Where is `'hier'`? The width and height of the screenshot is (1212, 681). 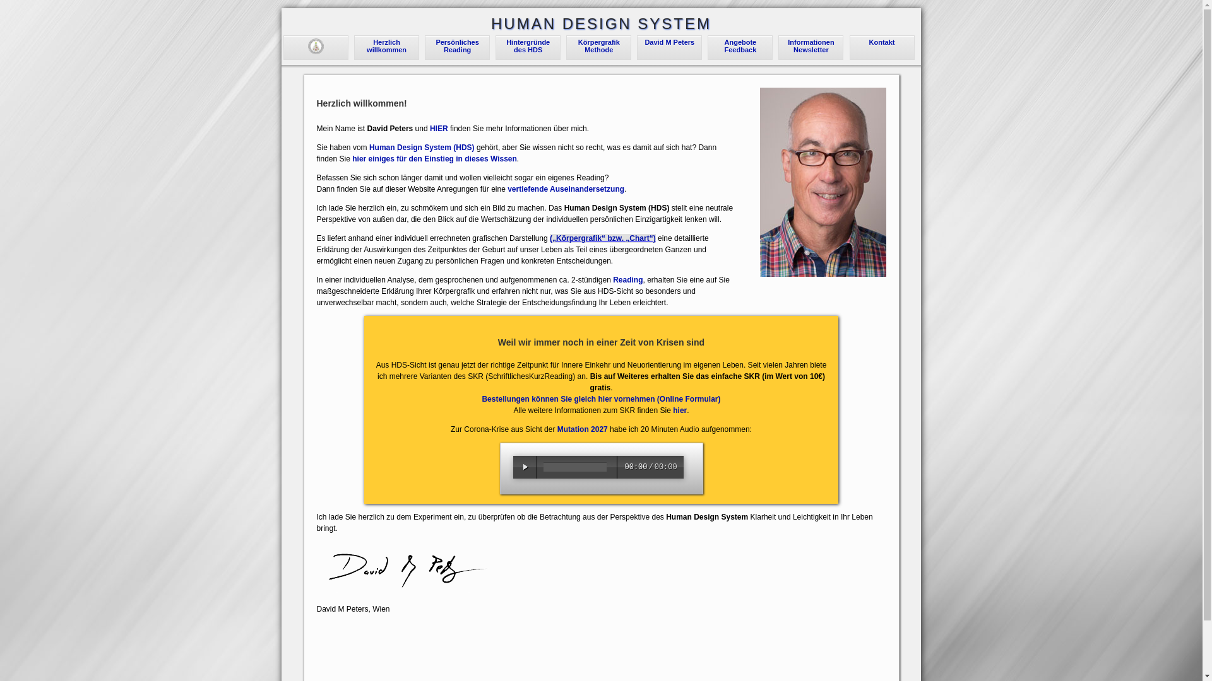
'hier' is located at coordinates (679, 410).